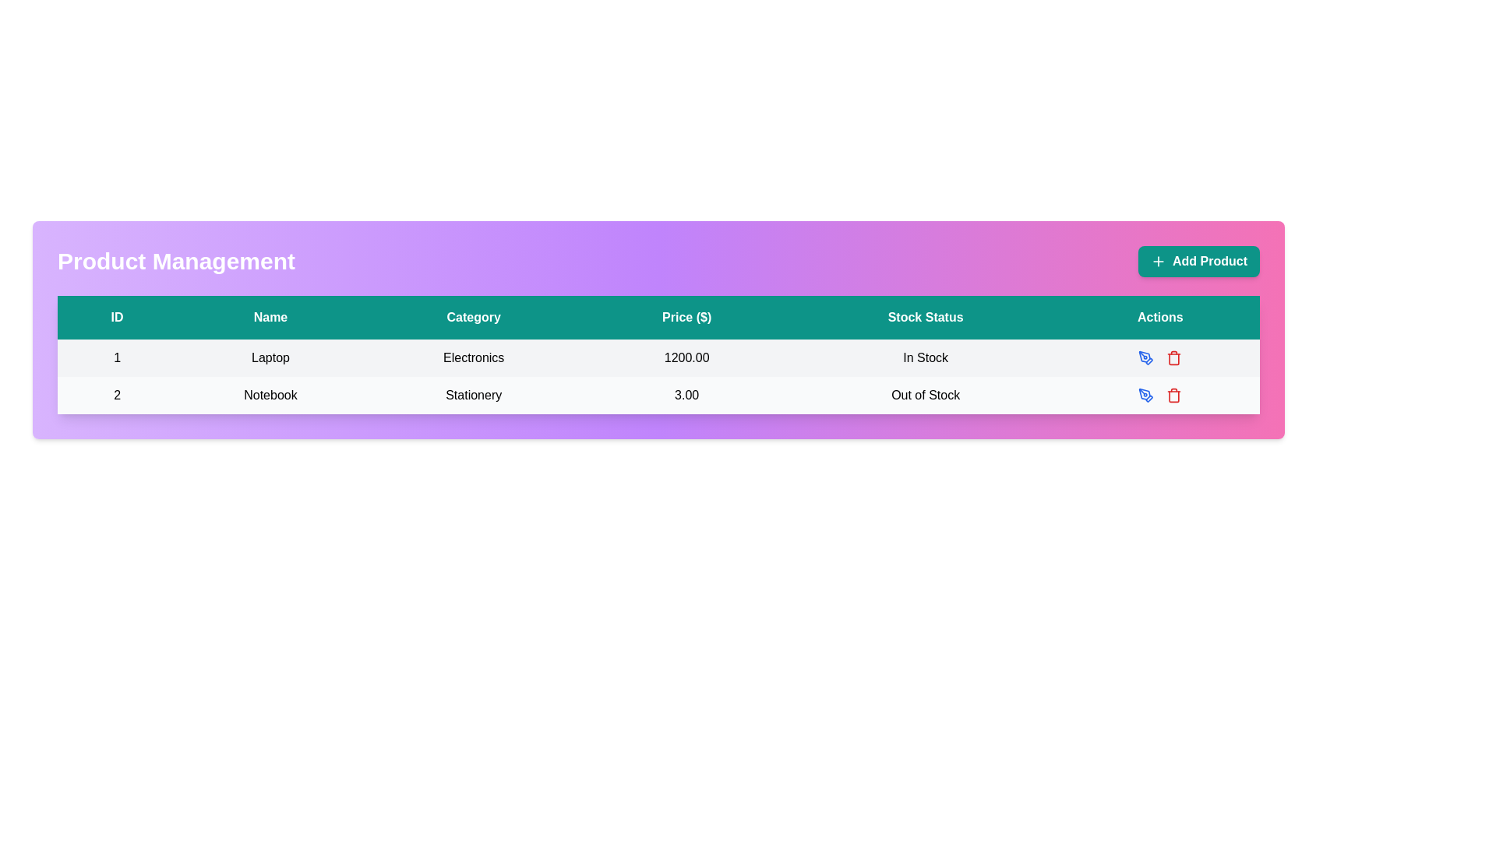  What do you see at coordinates (176, 260) in the screenshot?
I see `the static text label indicating the title 'Product Management', located in the top-left section of the interface` at bounding box center [176, 260].